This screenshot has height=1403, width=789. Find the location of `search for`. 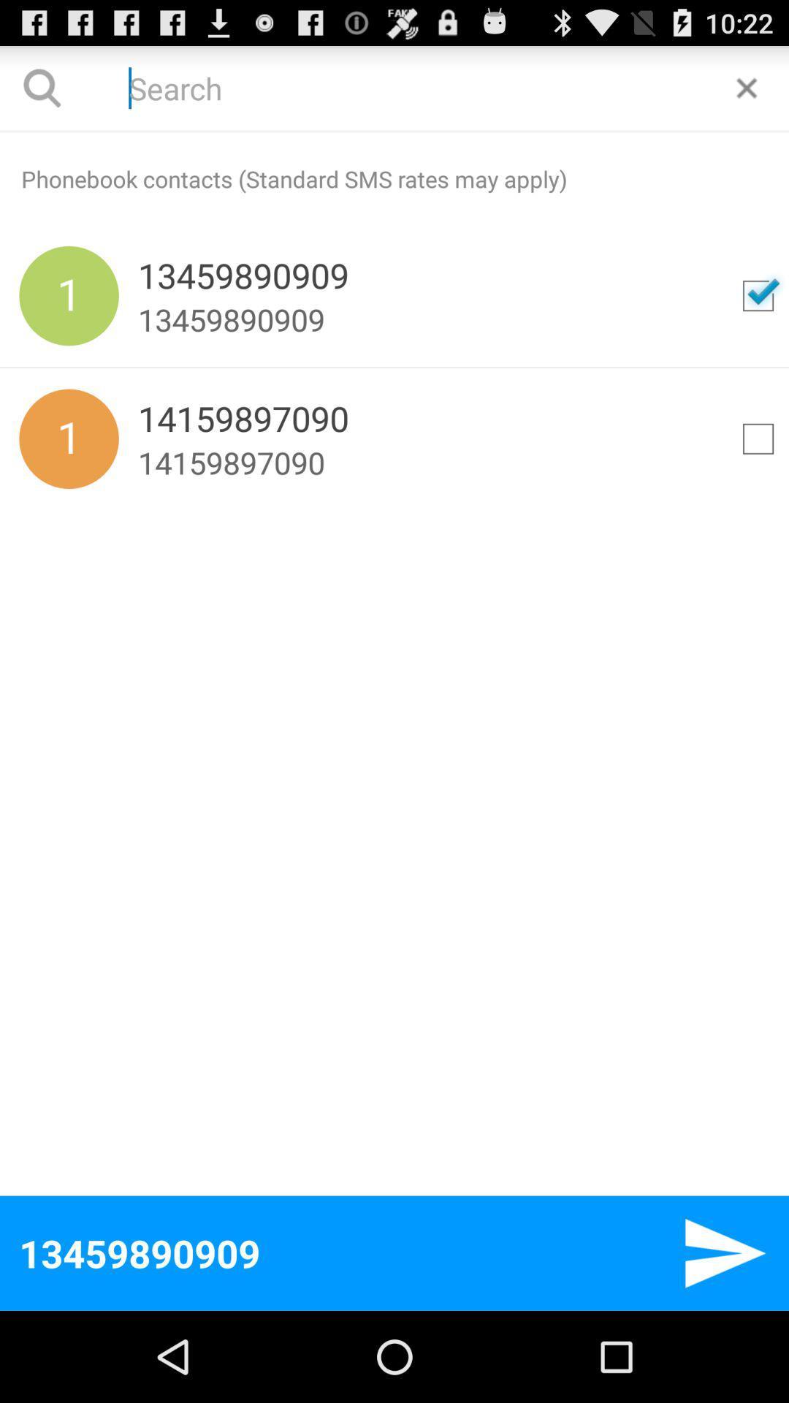

search for is located at coordinates (757, 294).